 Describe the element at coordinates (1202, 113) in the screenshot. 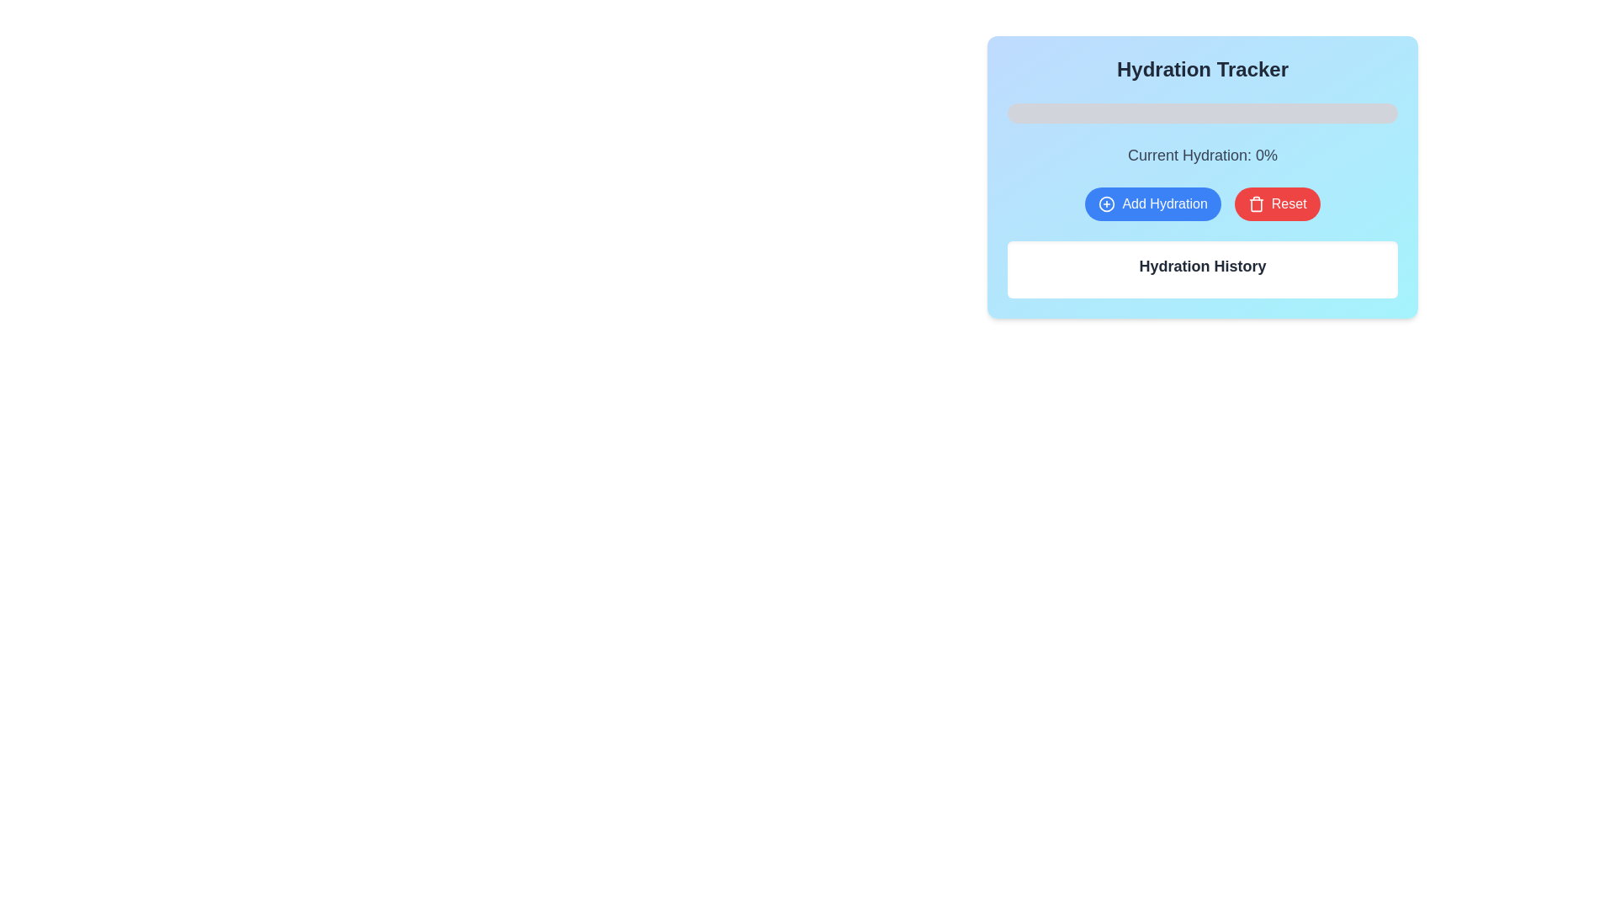

I see `the horizontal progress bar styled with a light gray background and rounded edges, located just under the 'Hydration Tracker' title` at that location.